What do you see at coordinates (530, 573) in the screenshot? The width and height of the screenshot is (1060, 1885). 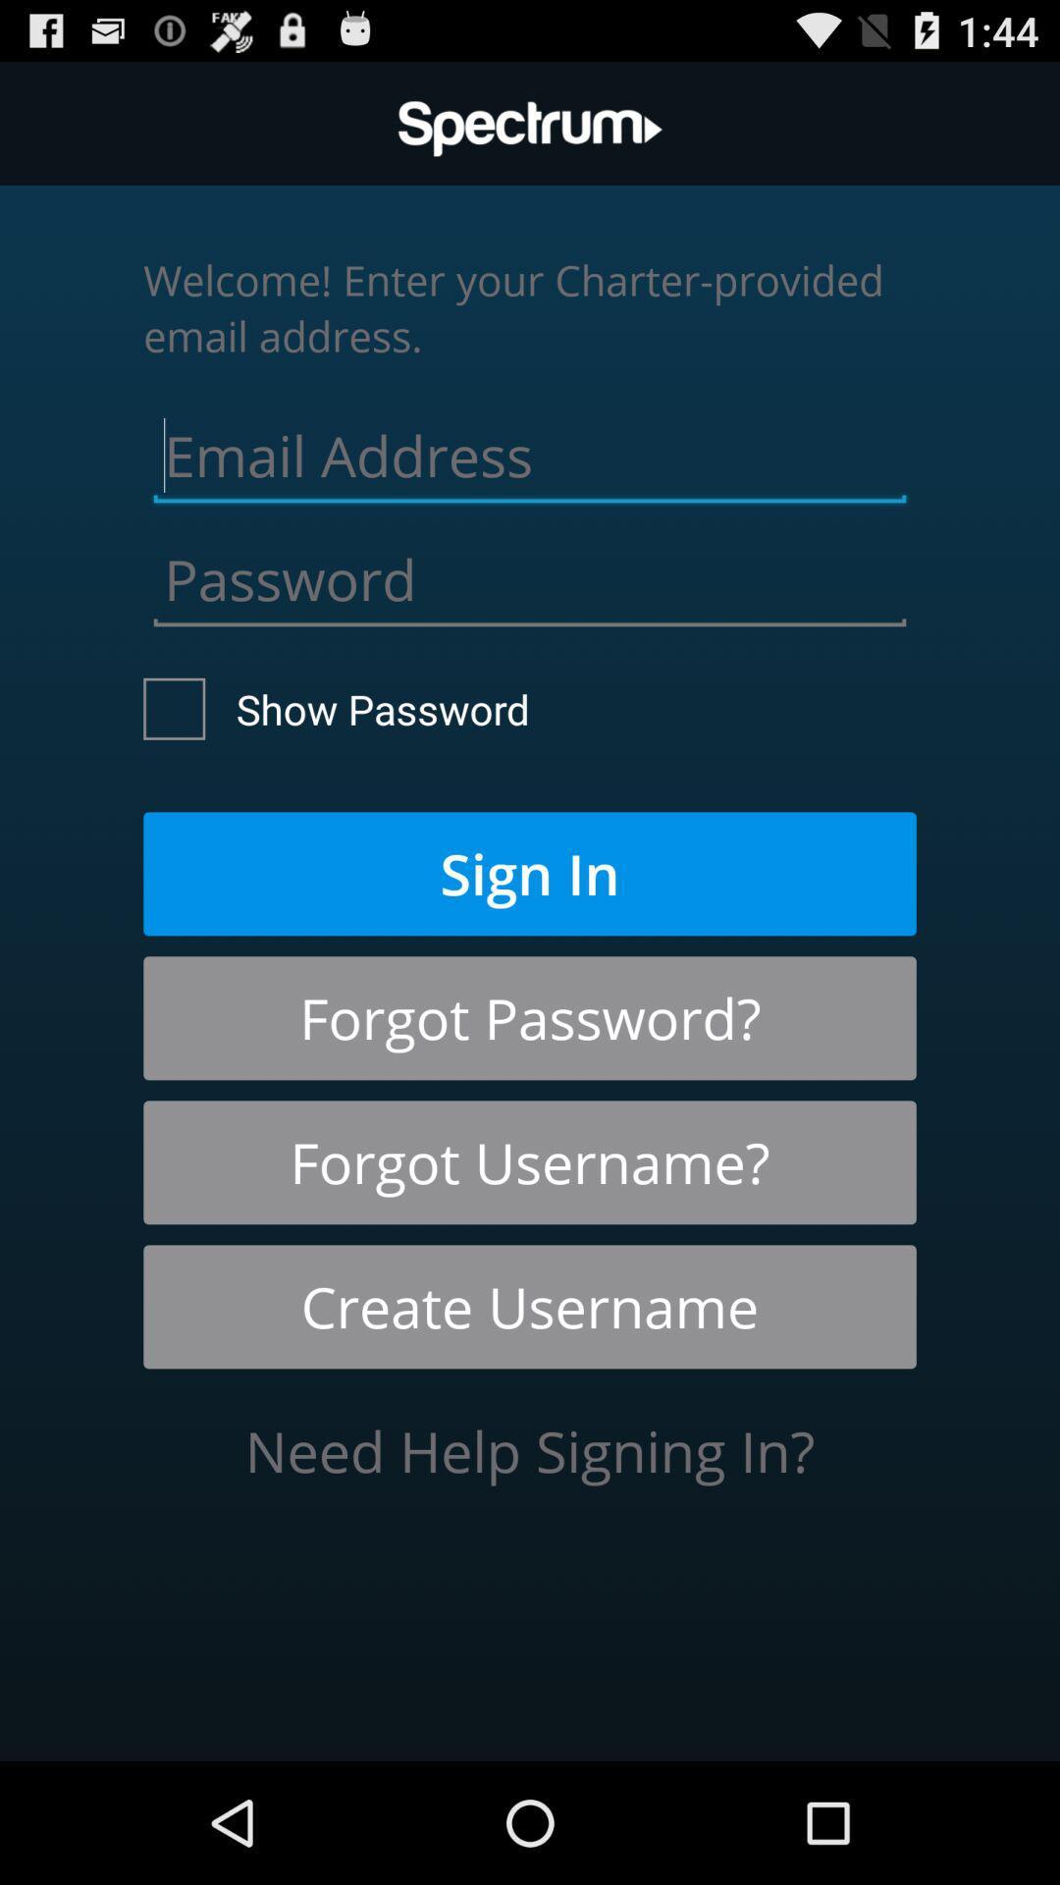 I see `password` at bounding box center [530, 573].